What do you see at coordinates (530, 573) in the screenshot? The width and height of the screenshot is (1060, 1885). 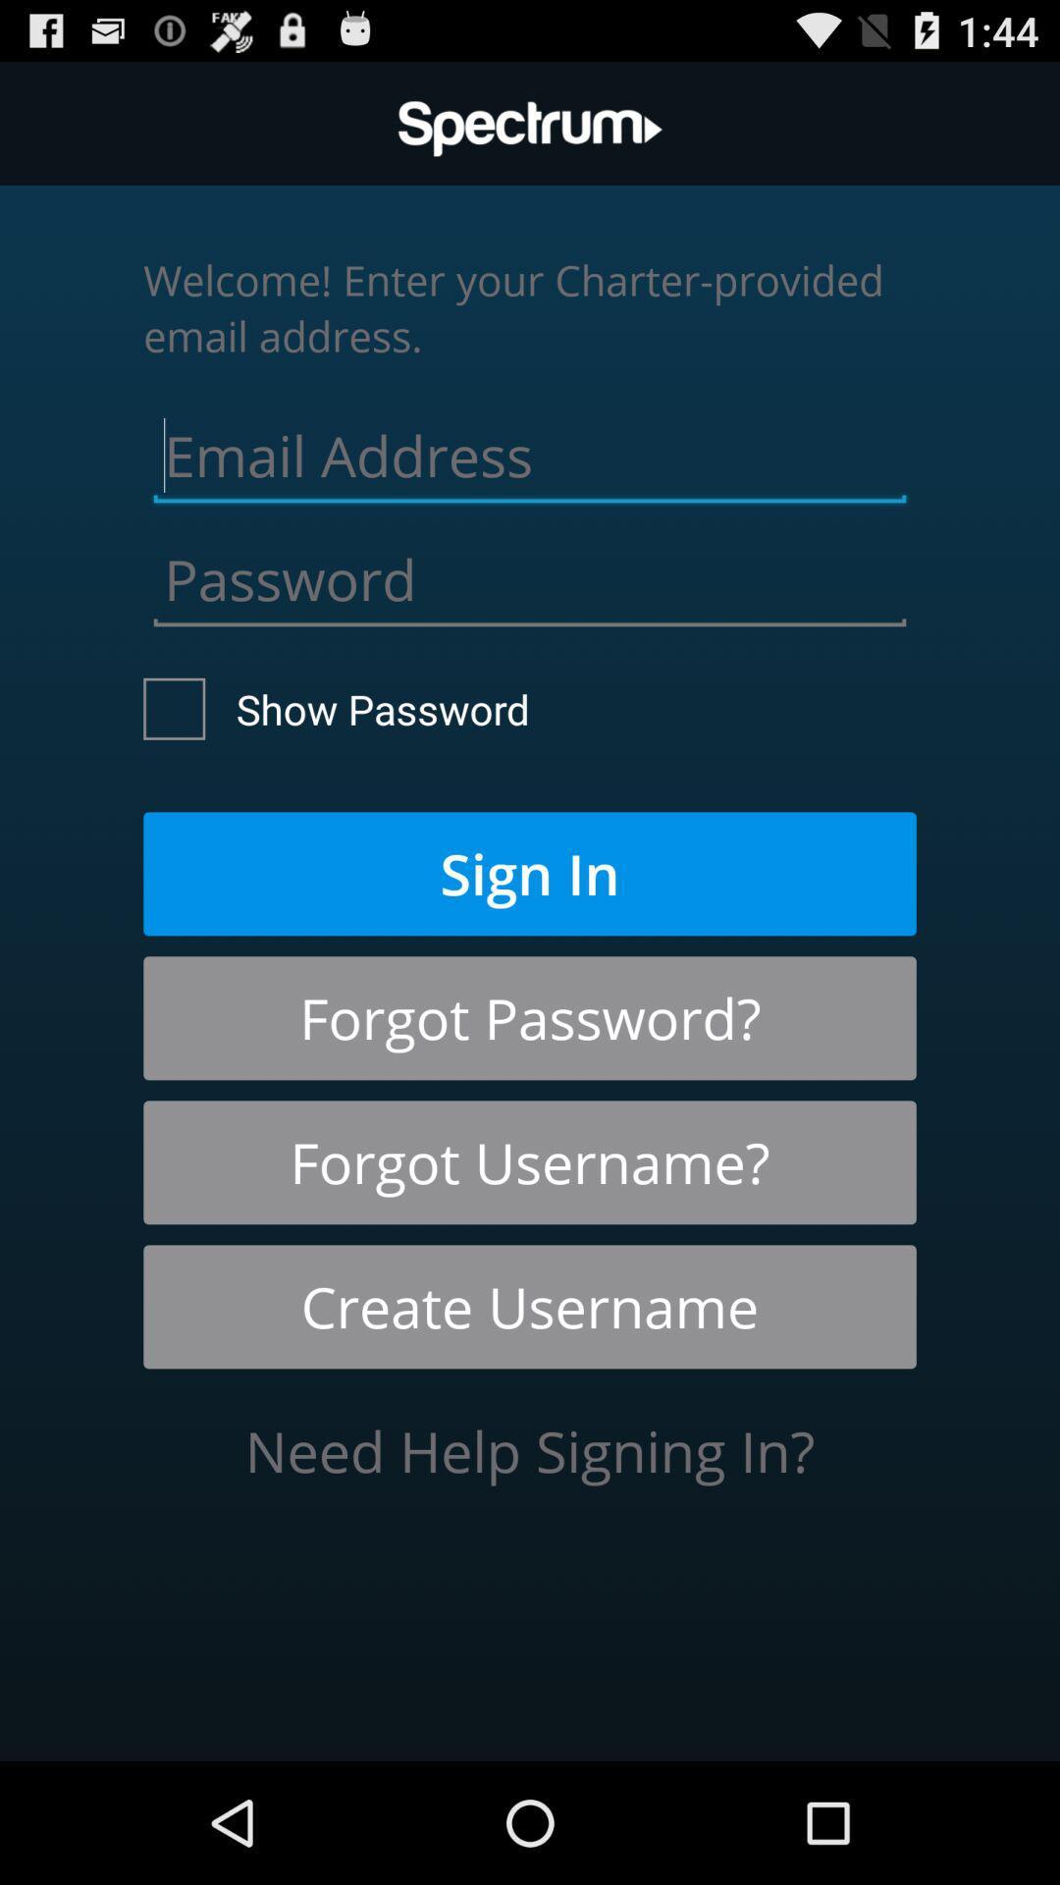 I see `password` at bounding box center [530, 573].